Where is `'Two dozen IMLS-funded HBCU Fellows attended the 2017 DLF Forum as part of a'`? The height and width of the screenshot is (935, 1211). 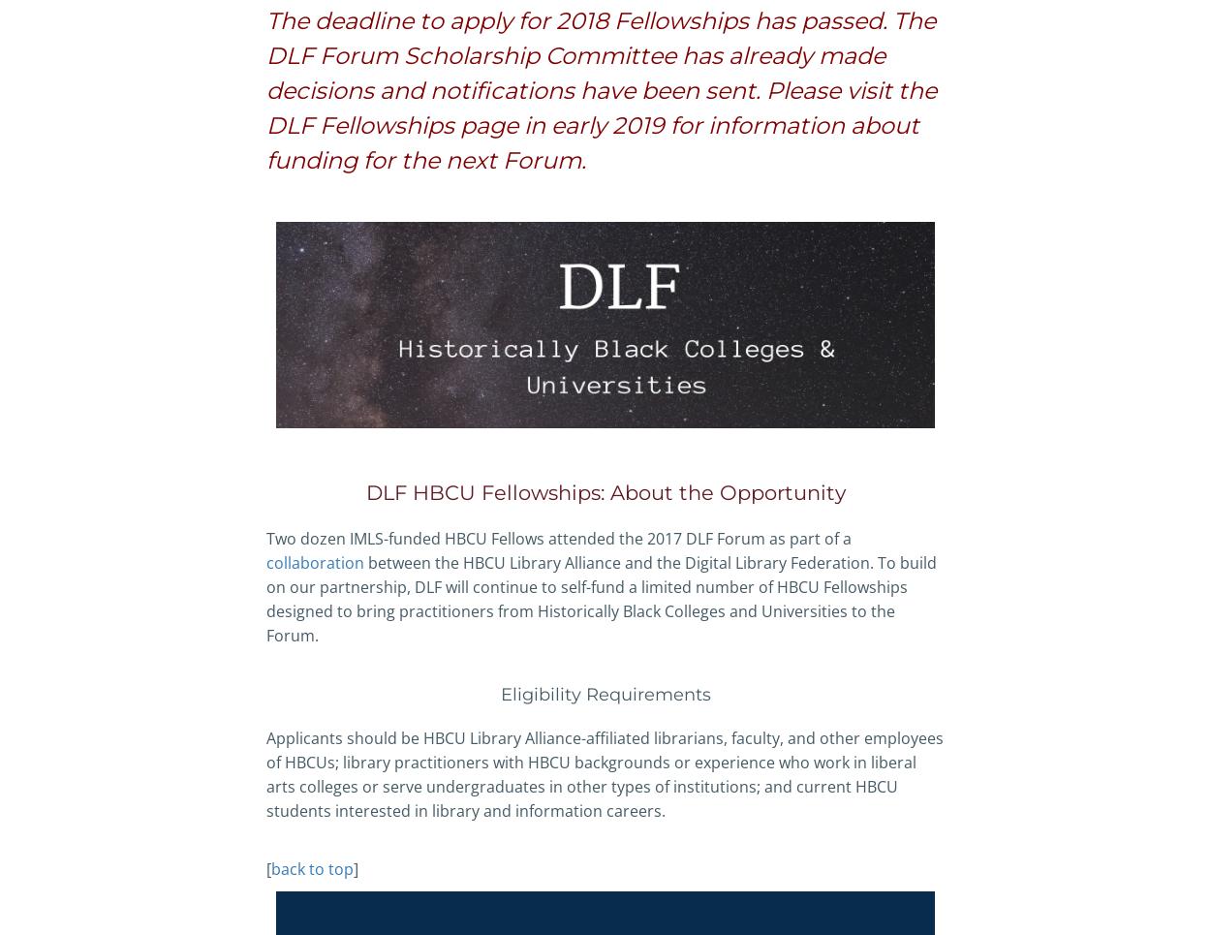
'Two dozen IMLS-funded HBCU Fellows attended the 2017 DLF Forum as part of a' is located at coordinates (558, 538).